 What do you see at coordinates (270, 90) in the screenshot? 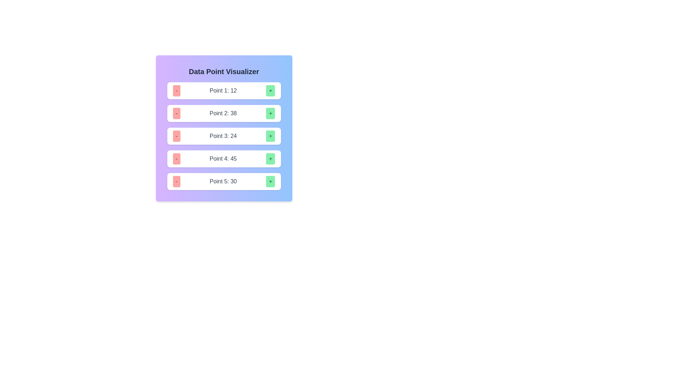
I see `the increment button located at the far right of the row labeled 'Point 1: 12' to increase the numerical value` at bounding box center [270, 90].